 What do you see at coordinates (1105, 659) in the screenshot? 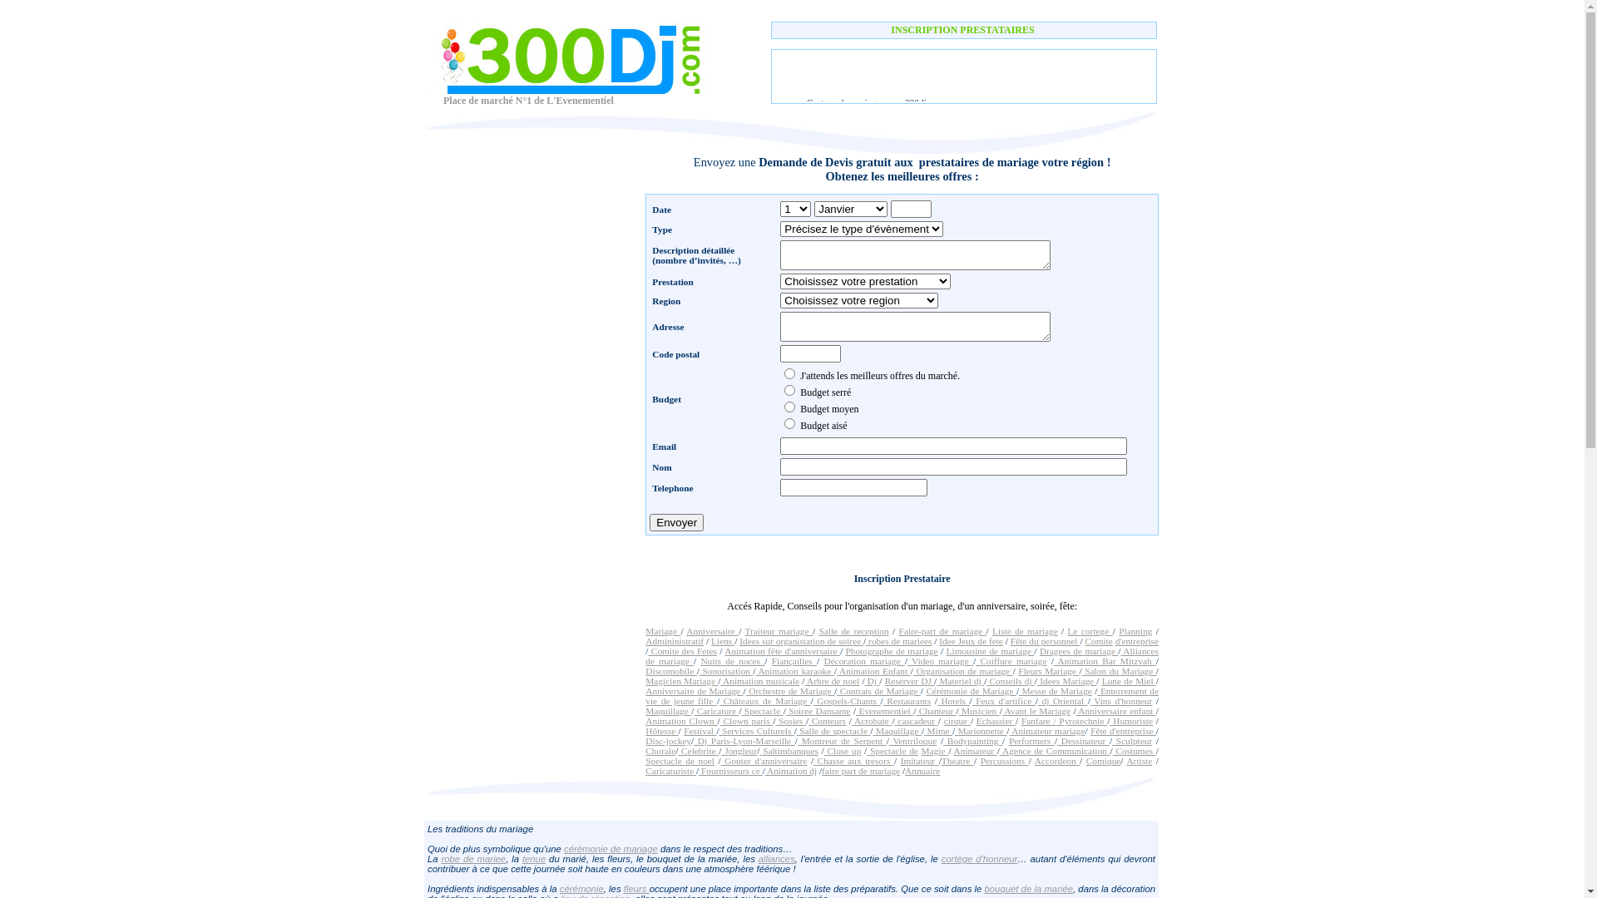
I see `'Animation Bar Mitzvah'` at bounding box center [1105, 659].